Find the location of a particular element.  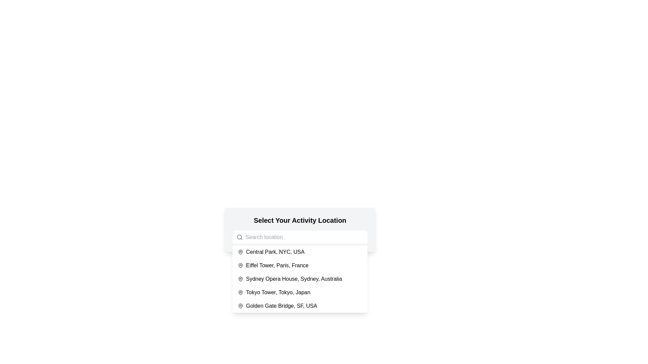

the icon marking the location option for 'Sydney Opera House, Sydney, Australia' in the menu list of geographical options is located at coordinates (241, 279).